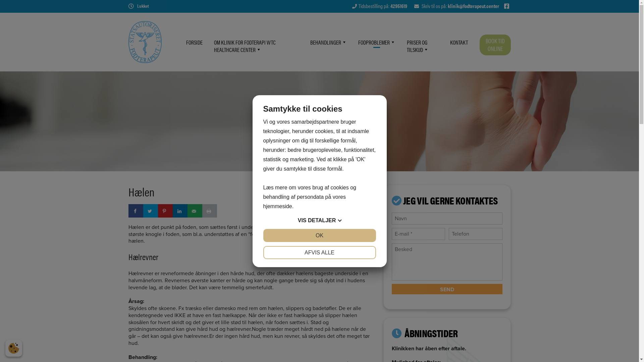 The height and width of the screenshot is (362, 644). What do you see at coordinates (319, 252) in the screenshot?
I see `'AFVIS ALLE'` at bounding box center [319, 252].